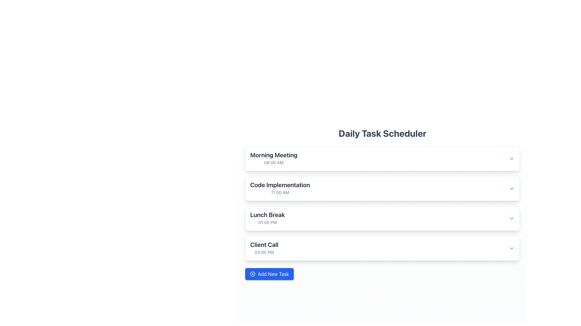 The image size is (581, 326). What do you see at coordinates (269, 274) in the screenshot?
I see `the 'Add New Task' button, which is a rectangular button with rounded corners, vibrant blue color, white text, and a '+' icon on the left` at bounding box center [269, 274].